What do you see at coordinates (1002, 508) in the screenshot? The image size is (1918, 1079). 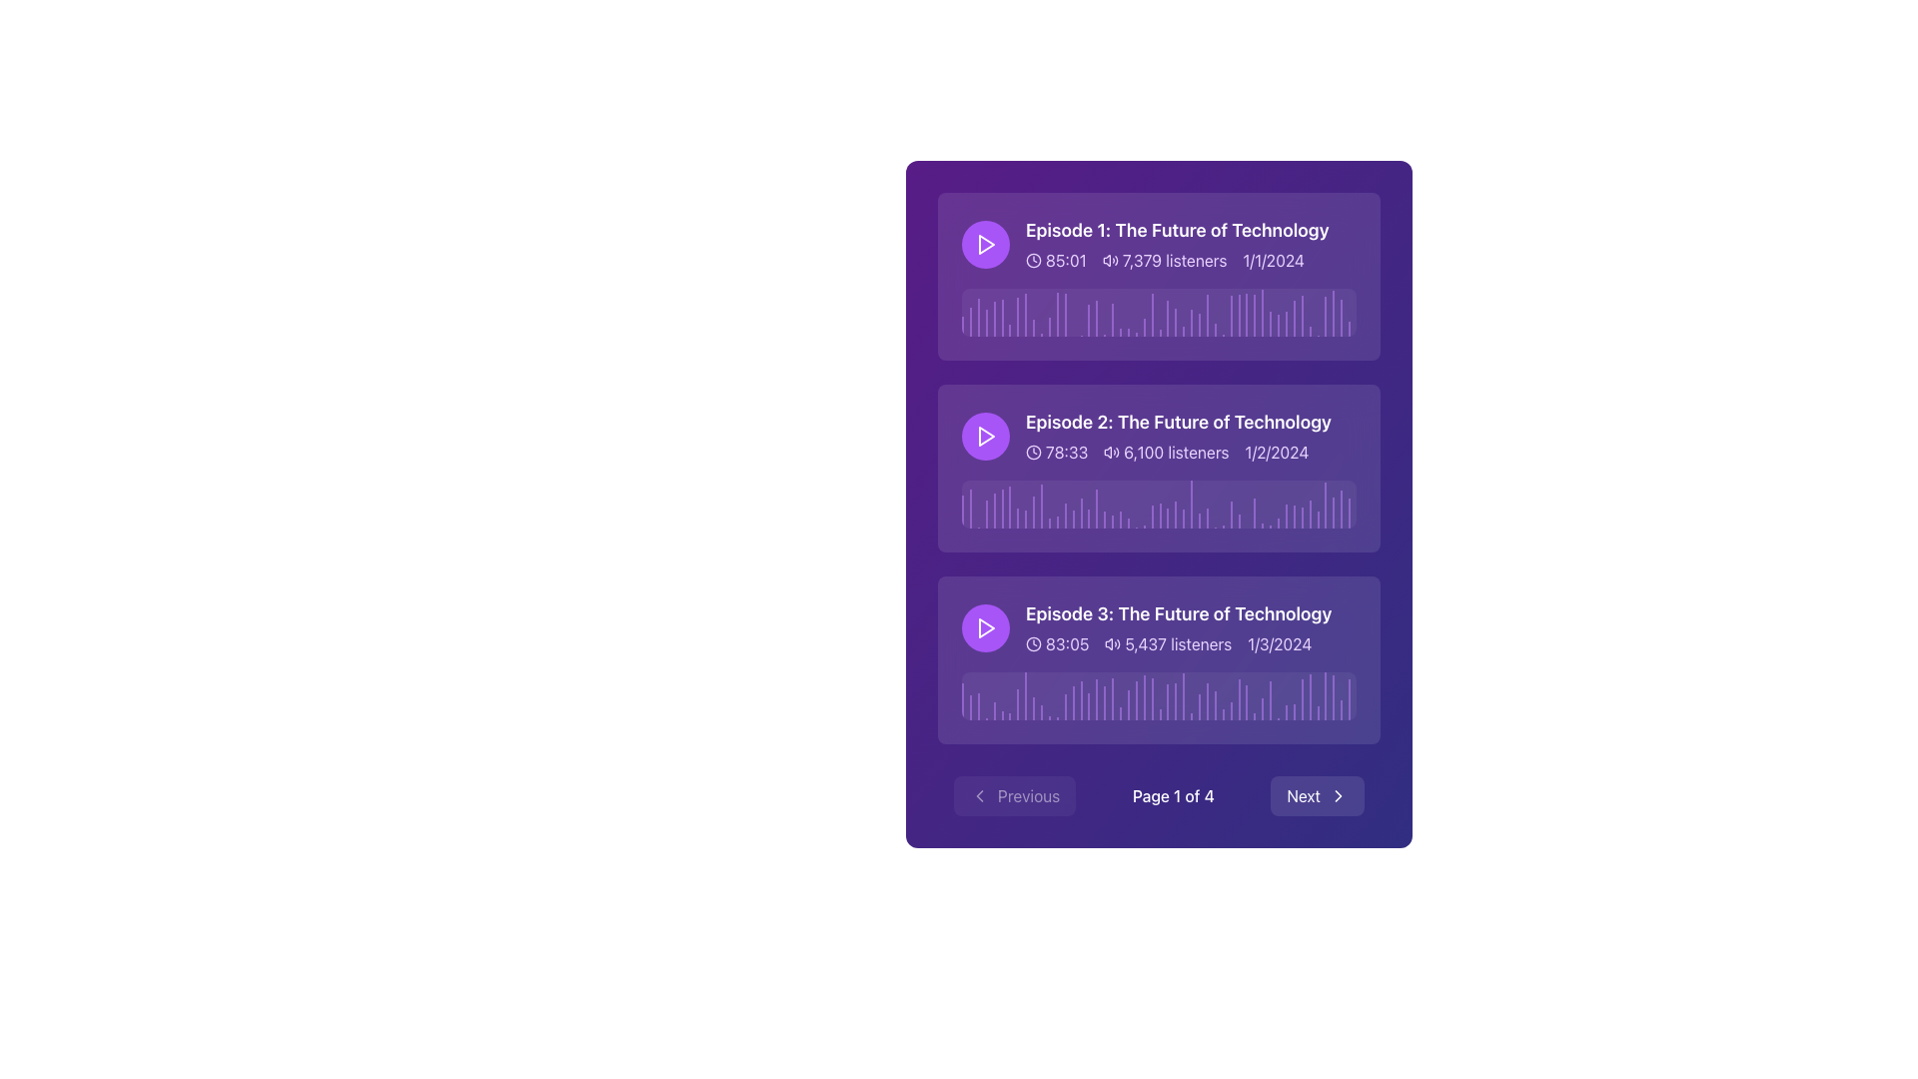 I see `the sixth graphical bar segment in the audio playback timeline located in the second card of the list to understand its representation in the graph` at bounding box center [1002, 508].